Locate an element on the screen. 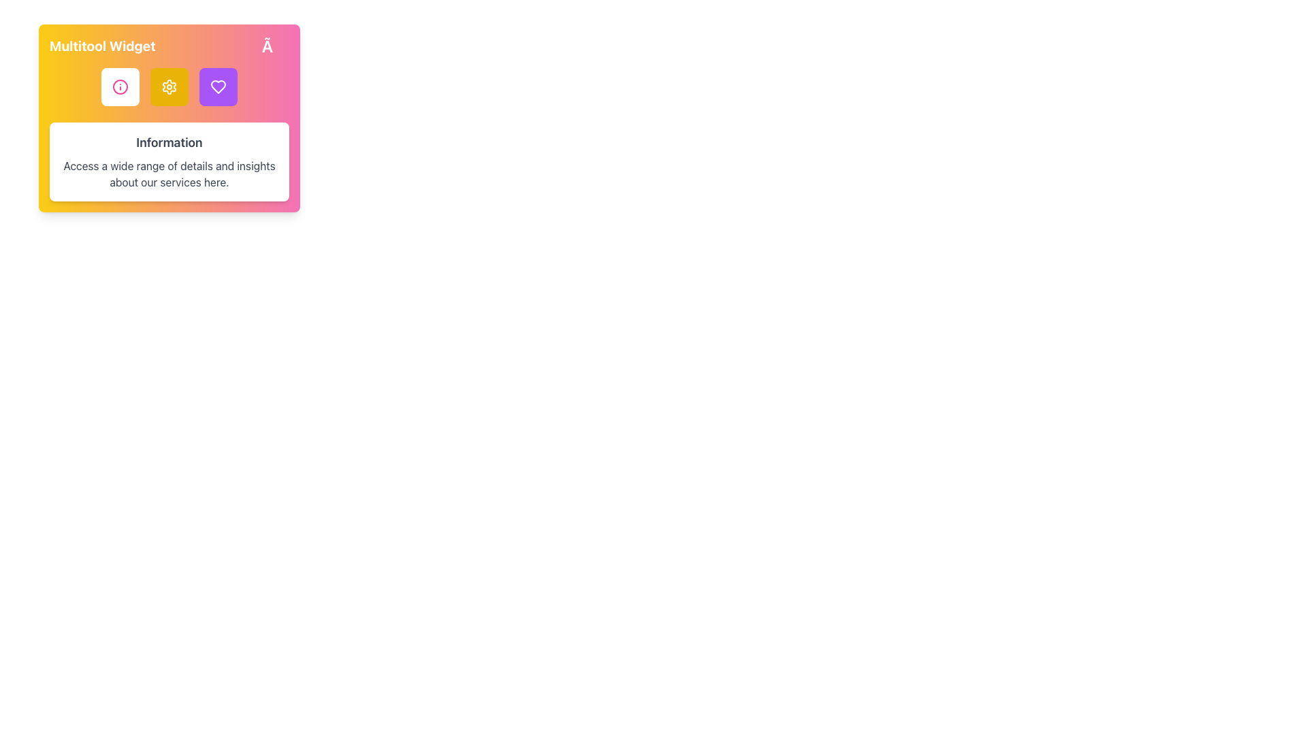 The image size is (1307, 735). the third button in a horizontal row of three, which has a purple background and a white heart icon is located at coordinates (219, 86).